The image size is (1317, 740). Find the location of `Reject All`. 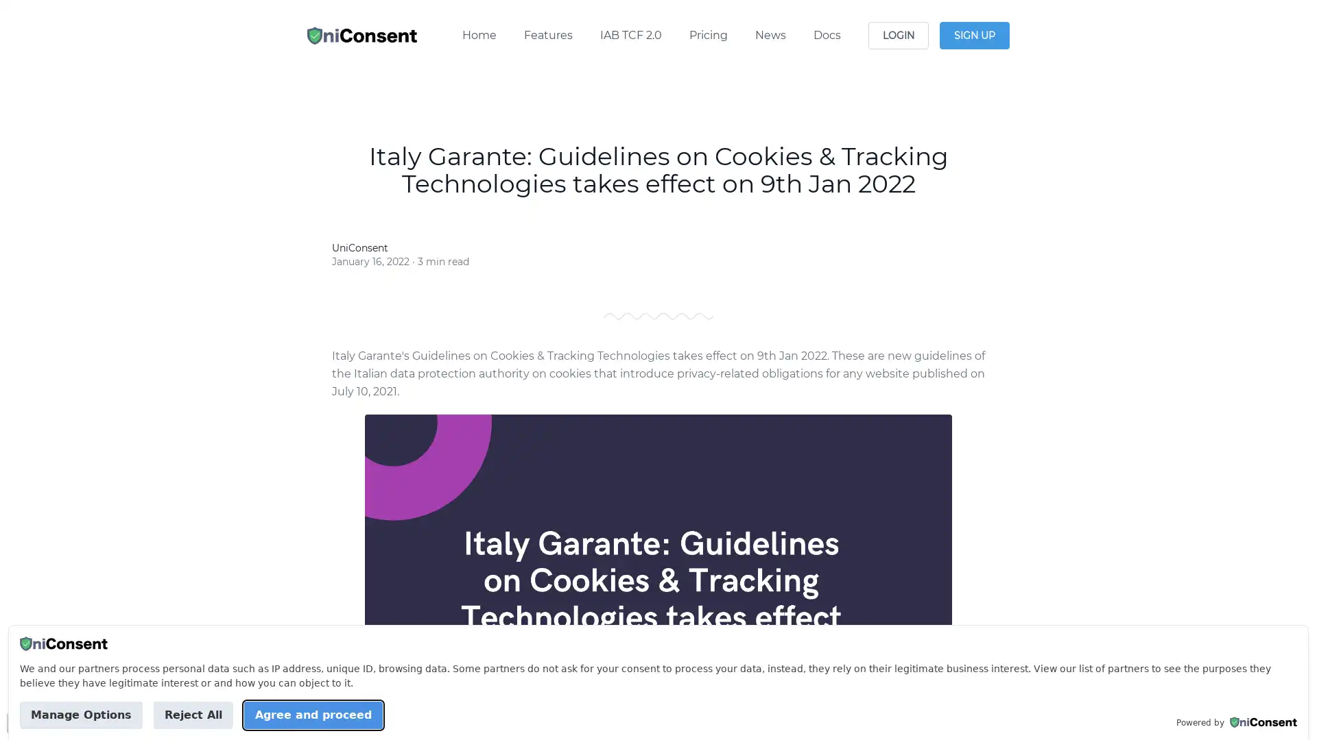

Reject All is located at coordinates (193, 715).